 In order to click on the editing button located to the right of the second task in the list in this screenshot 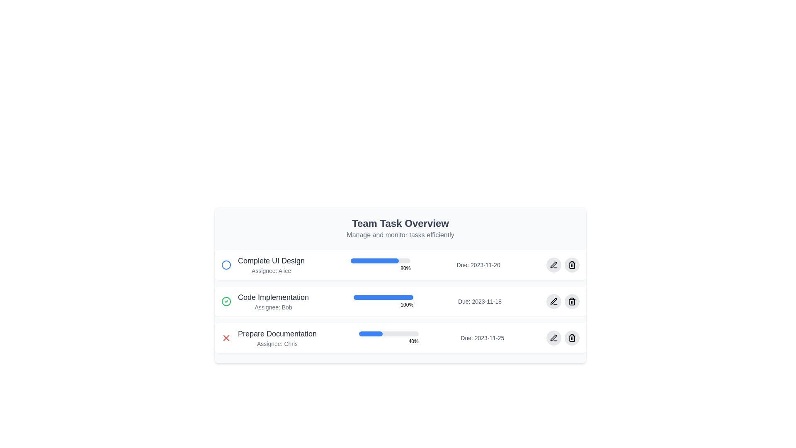, I will do `click(553, 301)`.